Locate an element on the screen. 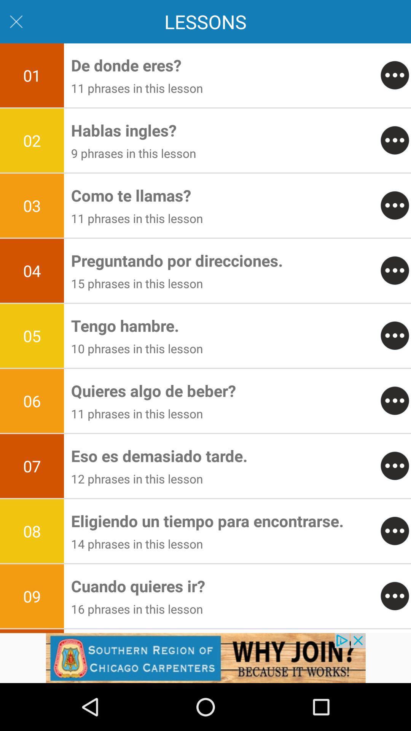  read advertisement is located at coordinates (205, 658).